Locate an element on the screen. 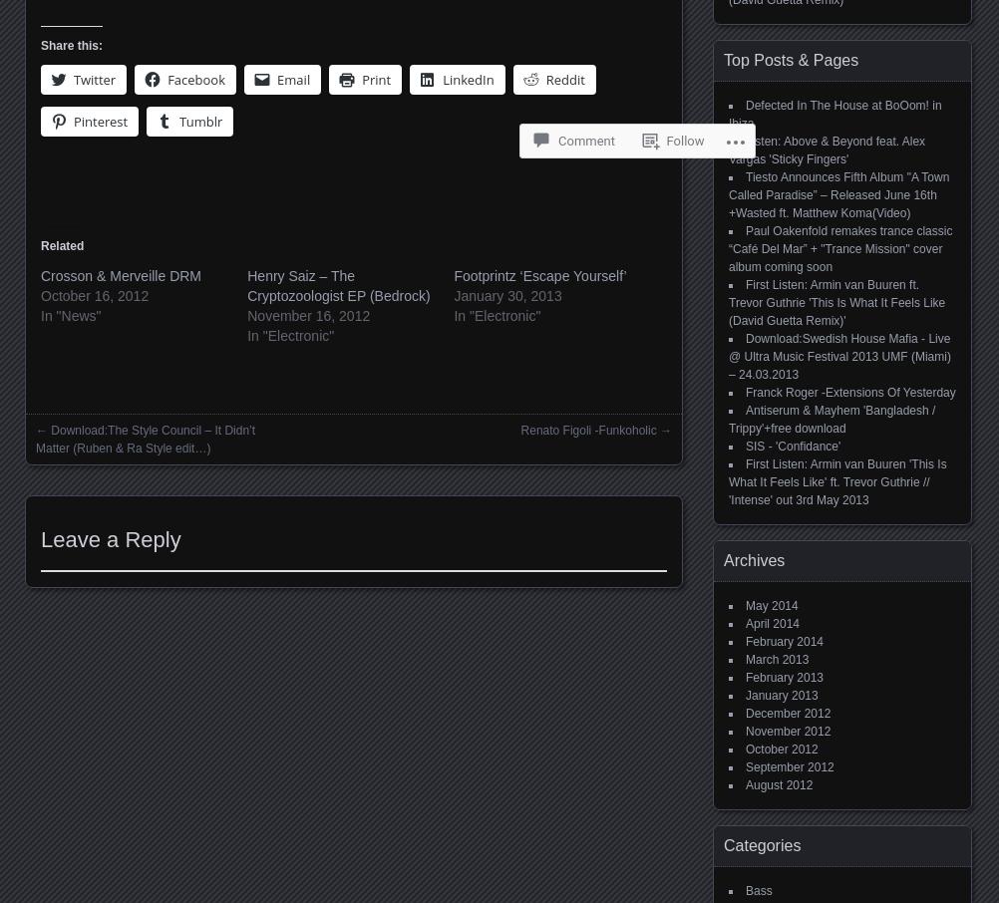  'Defected In The House at BoOom! in Ibiza' is located at coordinates (834, 113).